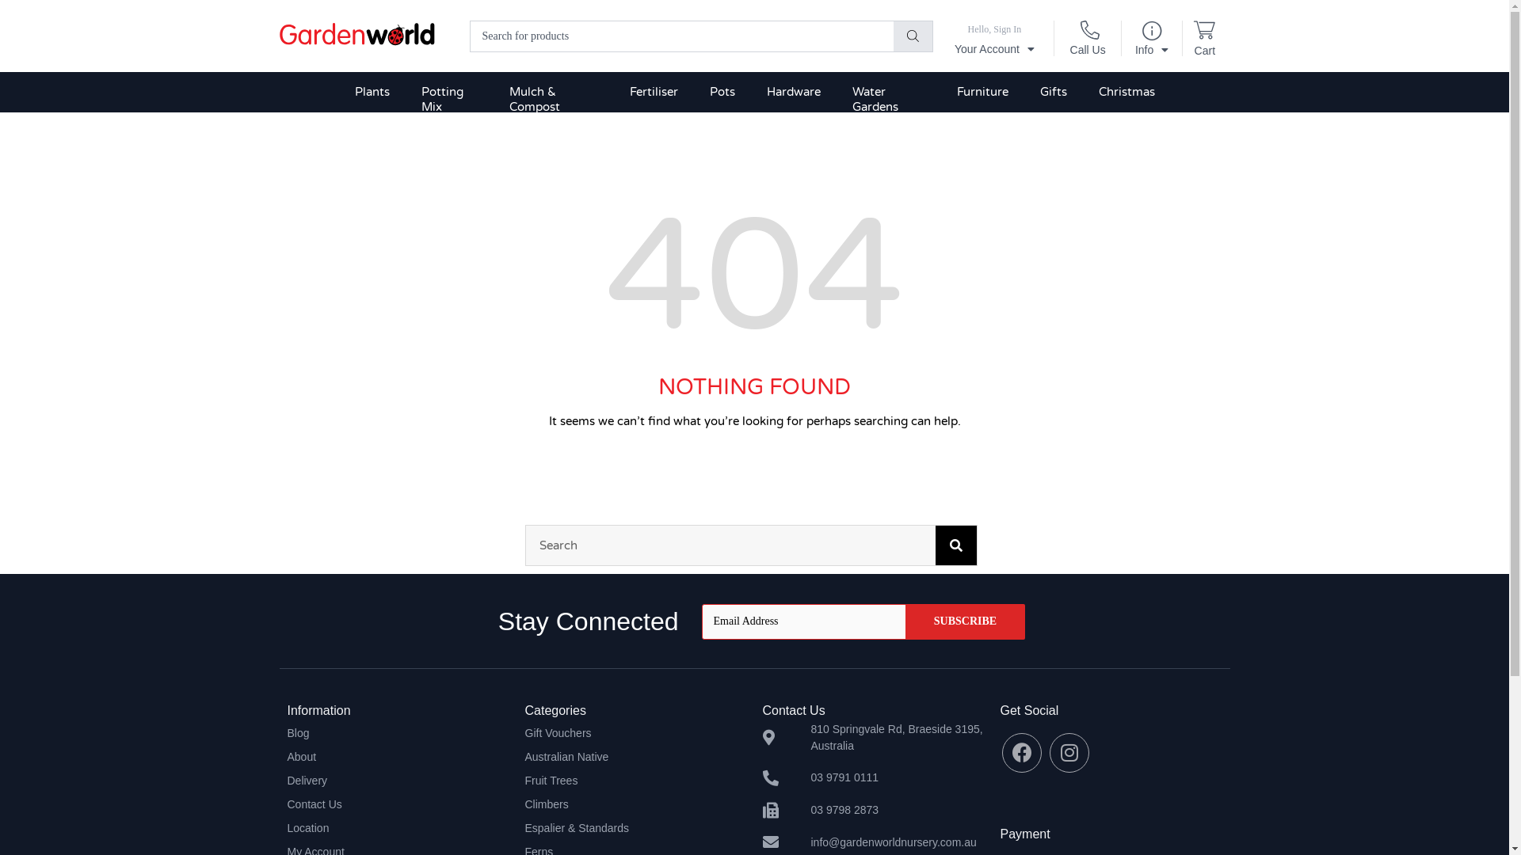  I want to click on '03 9791 0111', so click(872, 777).